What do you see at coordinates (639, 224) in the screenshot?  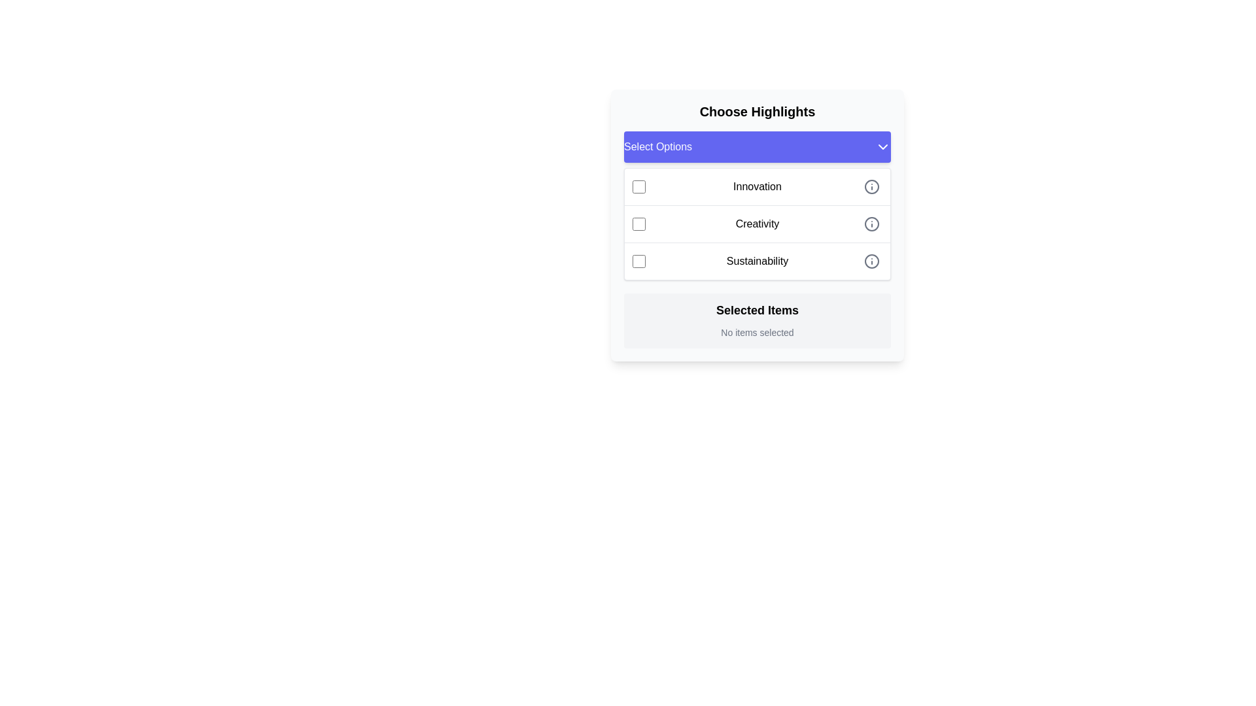 I see `the checkbox element located on the left side of the 'Creativity' label` at bounding box center [639, 224].